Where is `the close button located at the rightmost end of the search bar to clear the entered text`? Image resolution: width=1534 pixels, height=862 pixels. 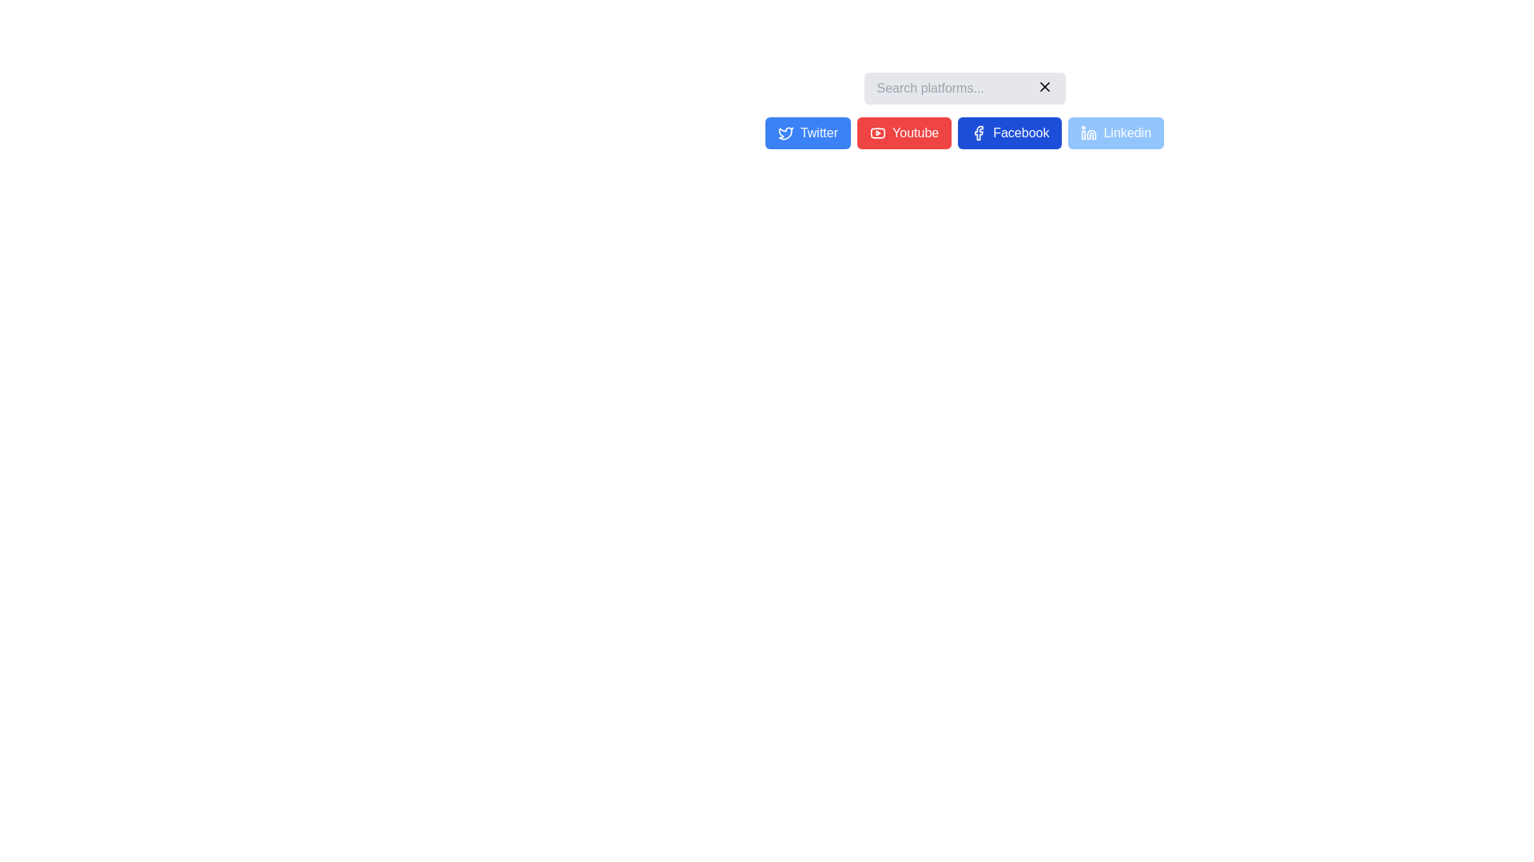
the close button located at the rightmost end of the search bar to clear the entered text is located at coordinates (1044, 86).